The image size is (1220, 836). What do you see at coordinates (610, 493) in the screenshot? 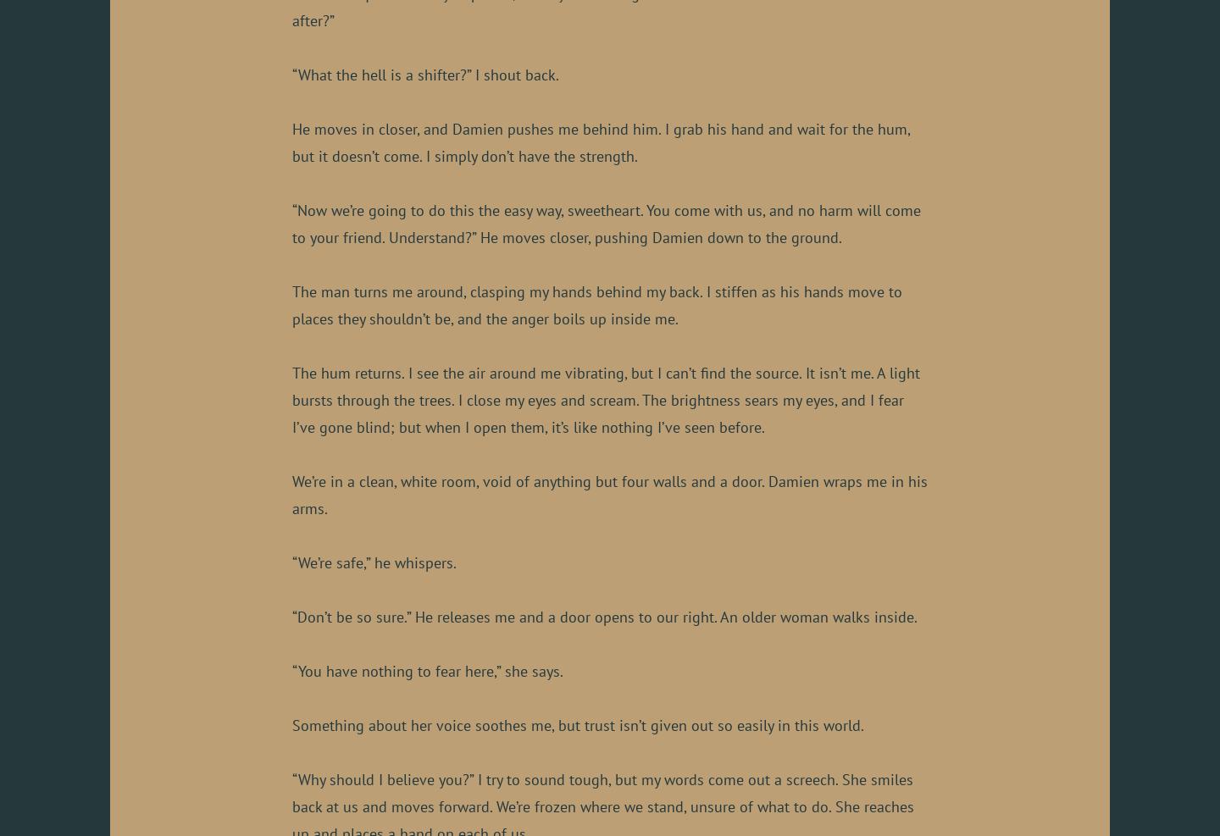
I see `'We’re in a clean, white room, void of anything but four walls and a door. Damien wraps me in his arms.'` at bounding box center [610, 493].